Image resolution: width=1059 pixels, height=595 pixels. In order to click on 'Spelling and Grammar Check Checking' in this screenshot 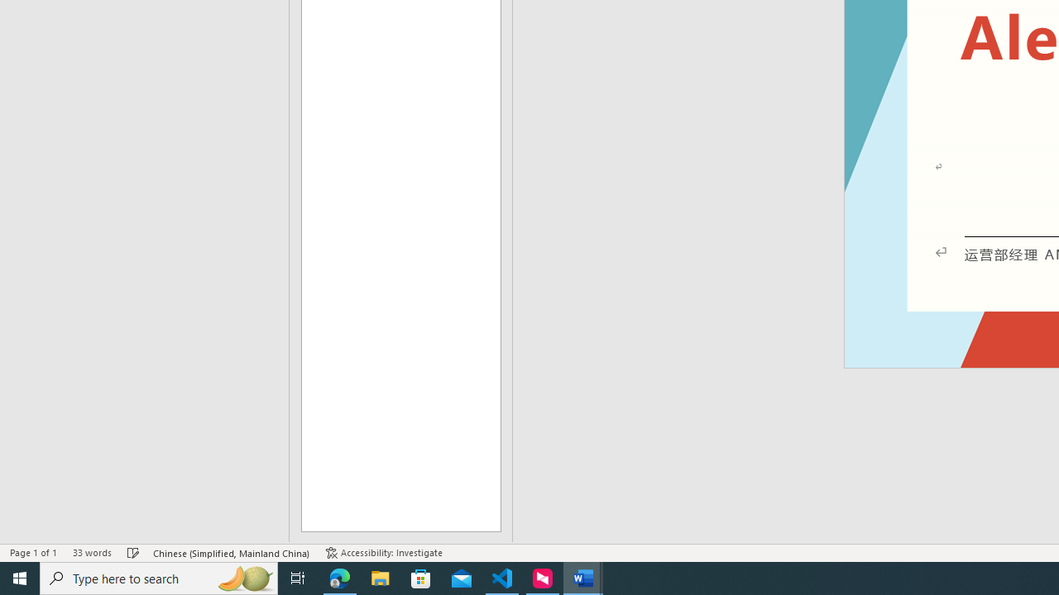, I will do `click(133, 553)`.